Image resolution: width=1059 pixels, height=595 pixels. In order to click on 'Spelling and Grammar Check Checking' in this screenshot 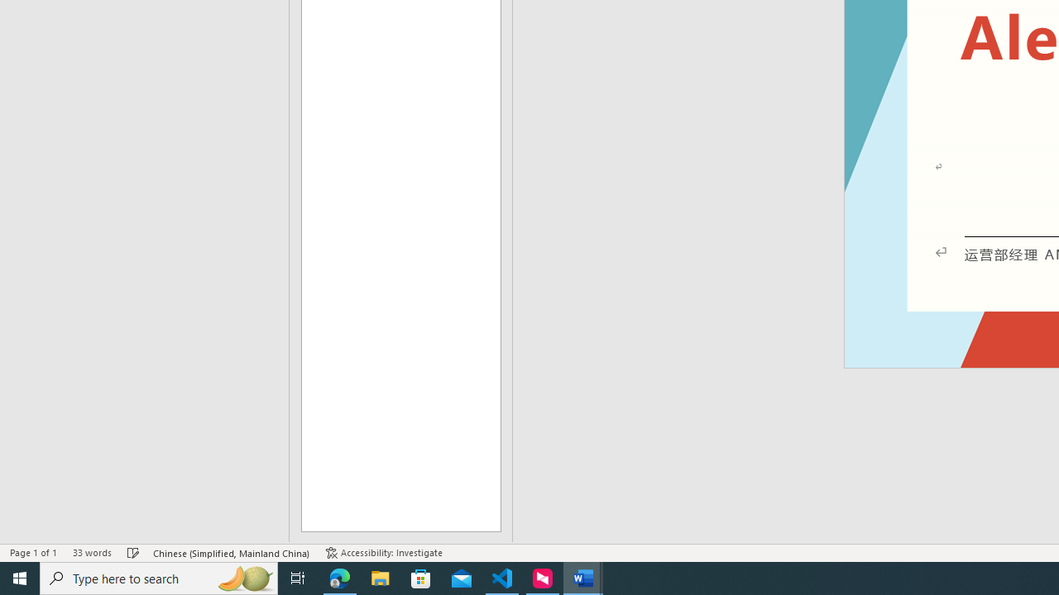, I will do `click(133, 553)`.